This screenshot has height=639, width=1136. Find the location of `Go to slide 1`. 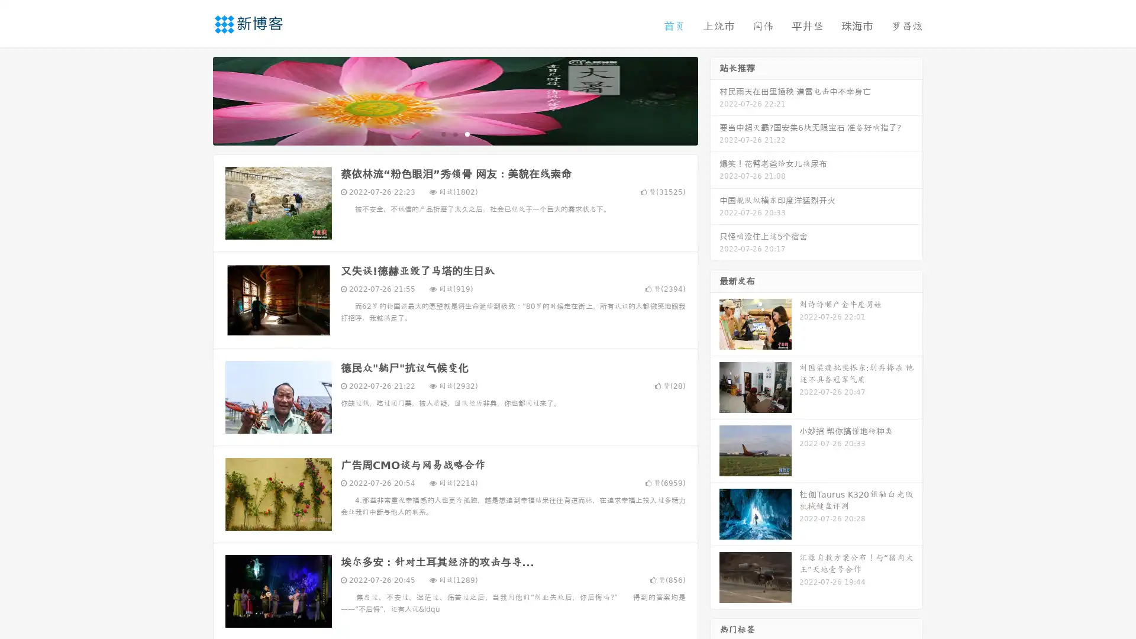

Go to slide 1 is located at coordinates (443, 133).